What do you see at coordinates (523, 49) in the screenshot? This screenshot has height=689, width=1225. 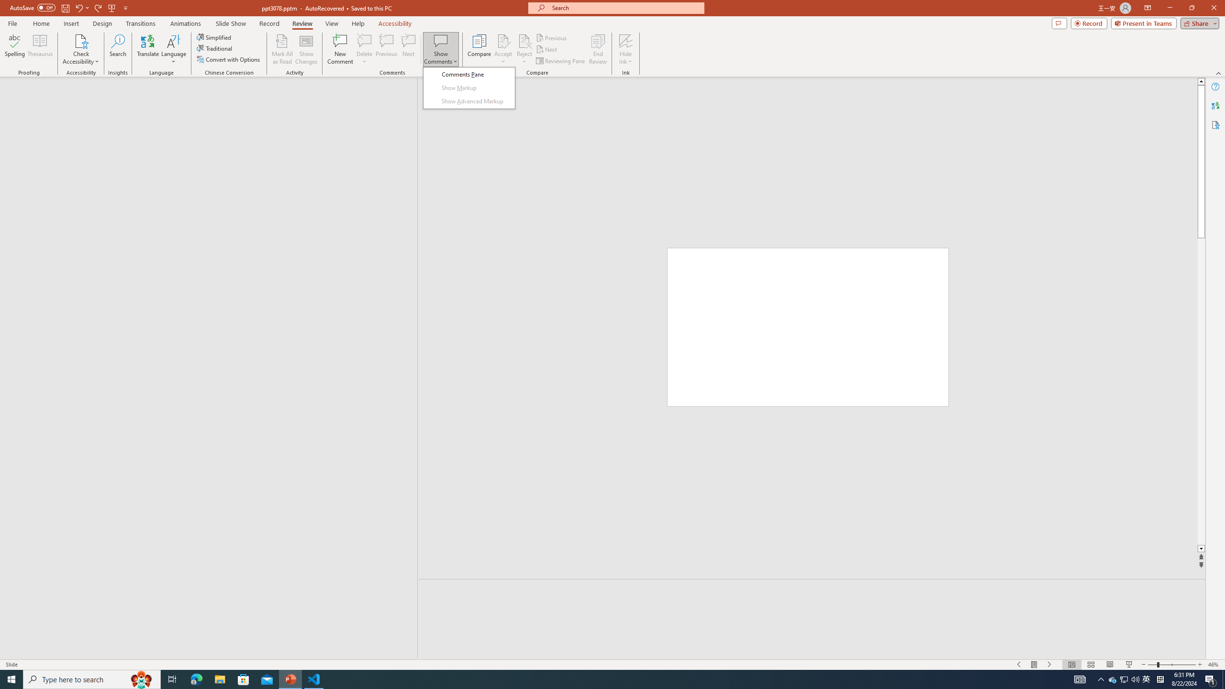 I see `'Reject'` at bounding box center [523, 49].